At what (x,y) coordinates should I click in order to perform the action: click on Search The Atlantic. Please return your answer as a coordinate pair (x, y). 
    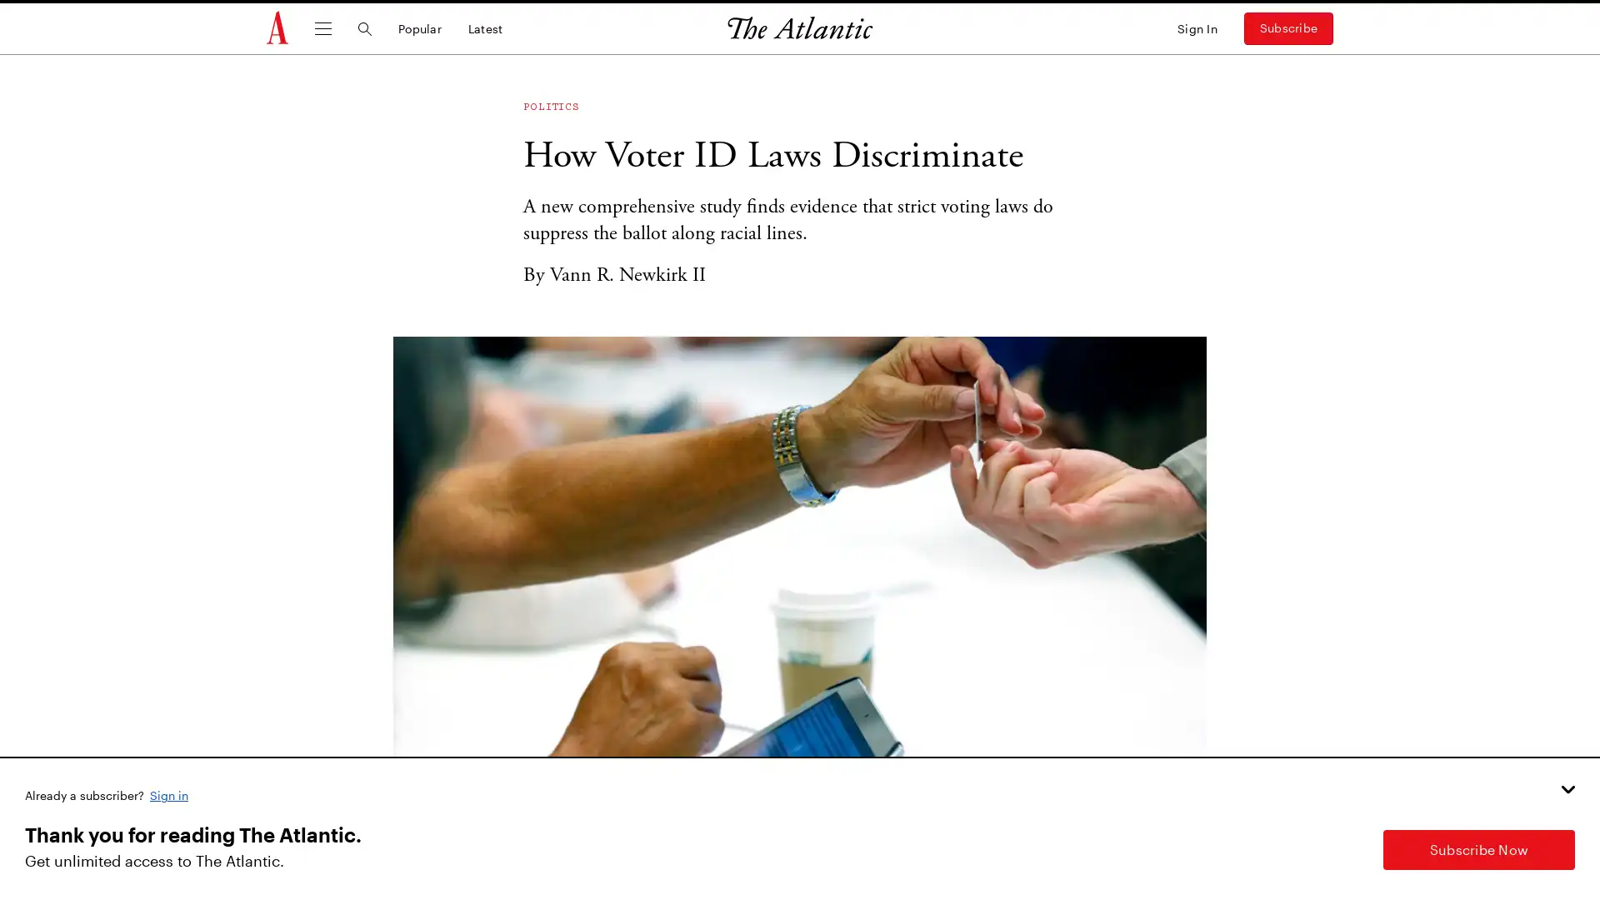
    Looking at the image, I should click on (363, 28).